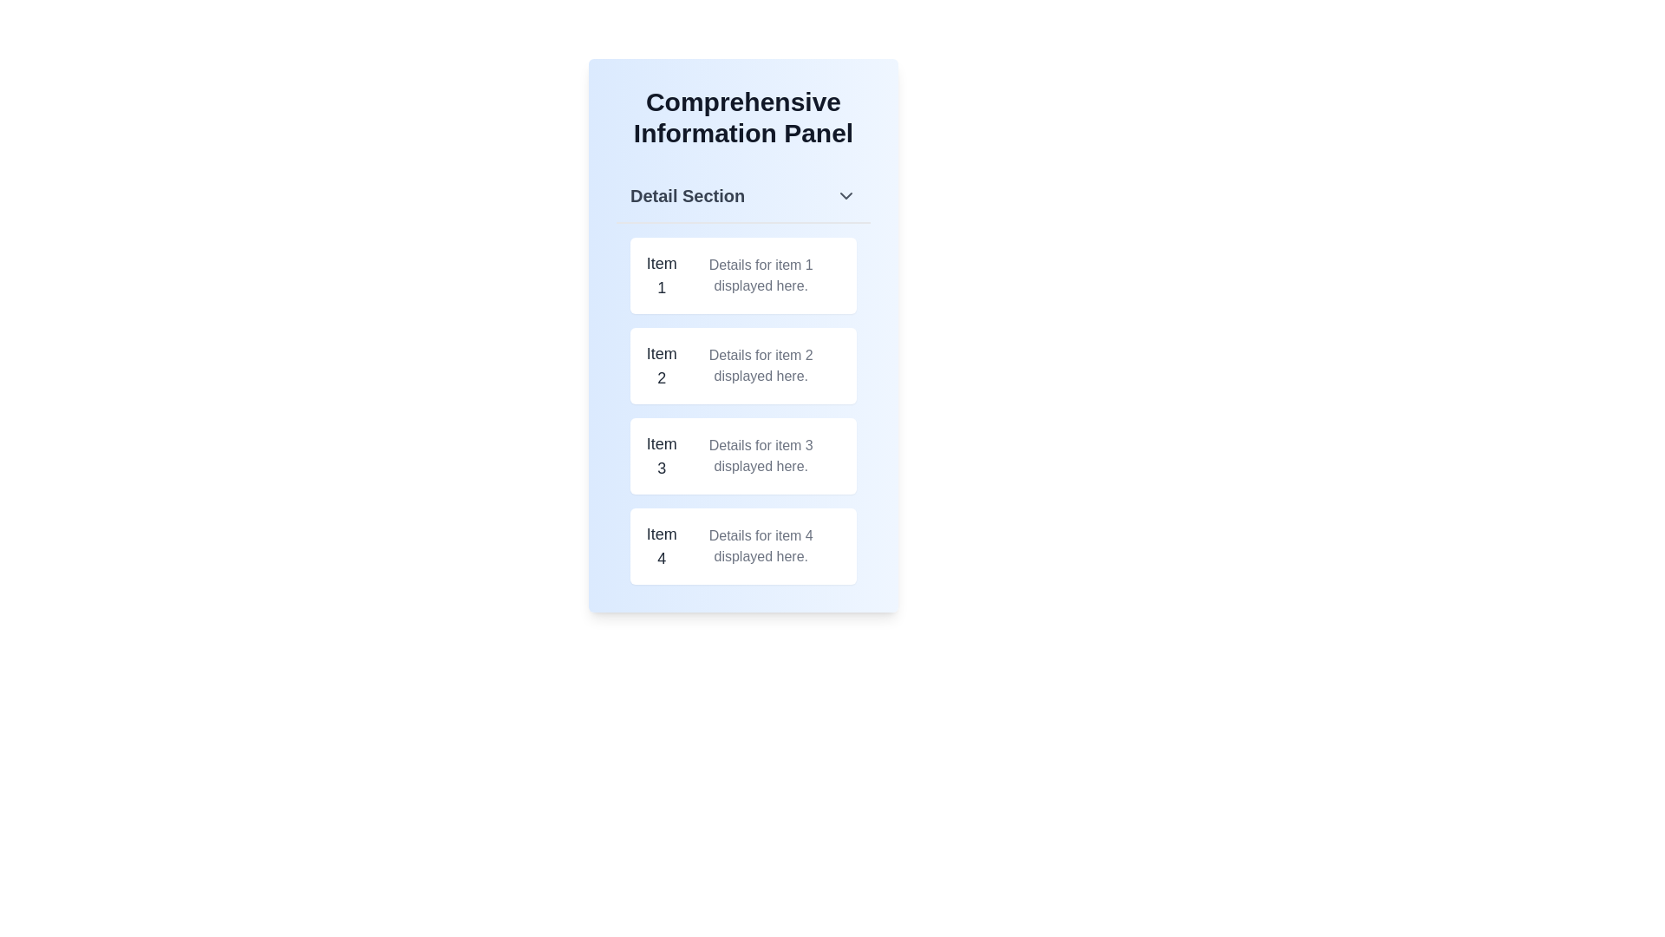 This screenshot has height=937, width=1665. Describe the element at coordinates (743, 377) in the screenshot. I see `a specific card in the List of Cards located below the 'Detail Section' header inside the 'Comprehensive Information Panel' to interact with it or expand its details` at that location.